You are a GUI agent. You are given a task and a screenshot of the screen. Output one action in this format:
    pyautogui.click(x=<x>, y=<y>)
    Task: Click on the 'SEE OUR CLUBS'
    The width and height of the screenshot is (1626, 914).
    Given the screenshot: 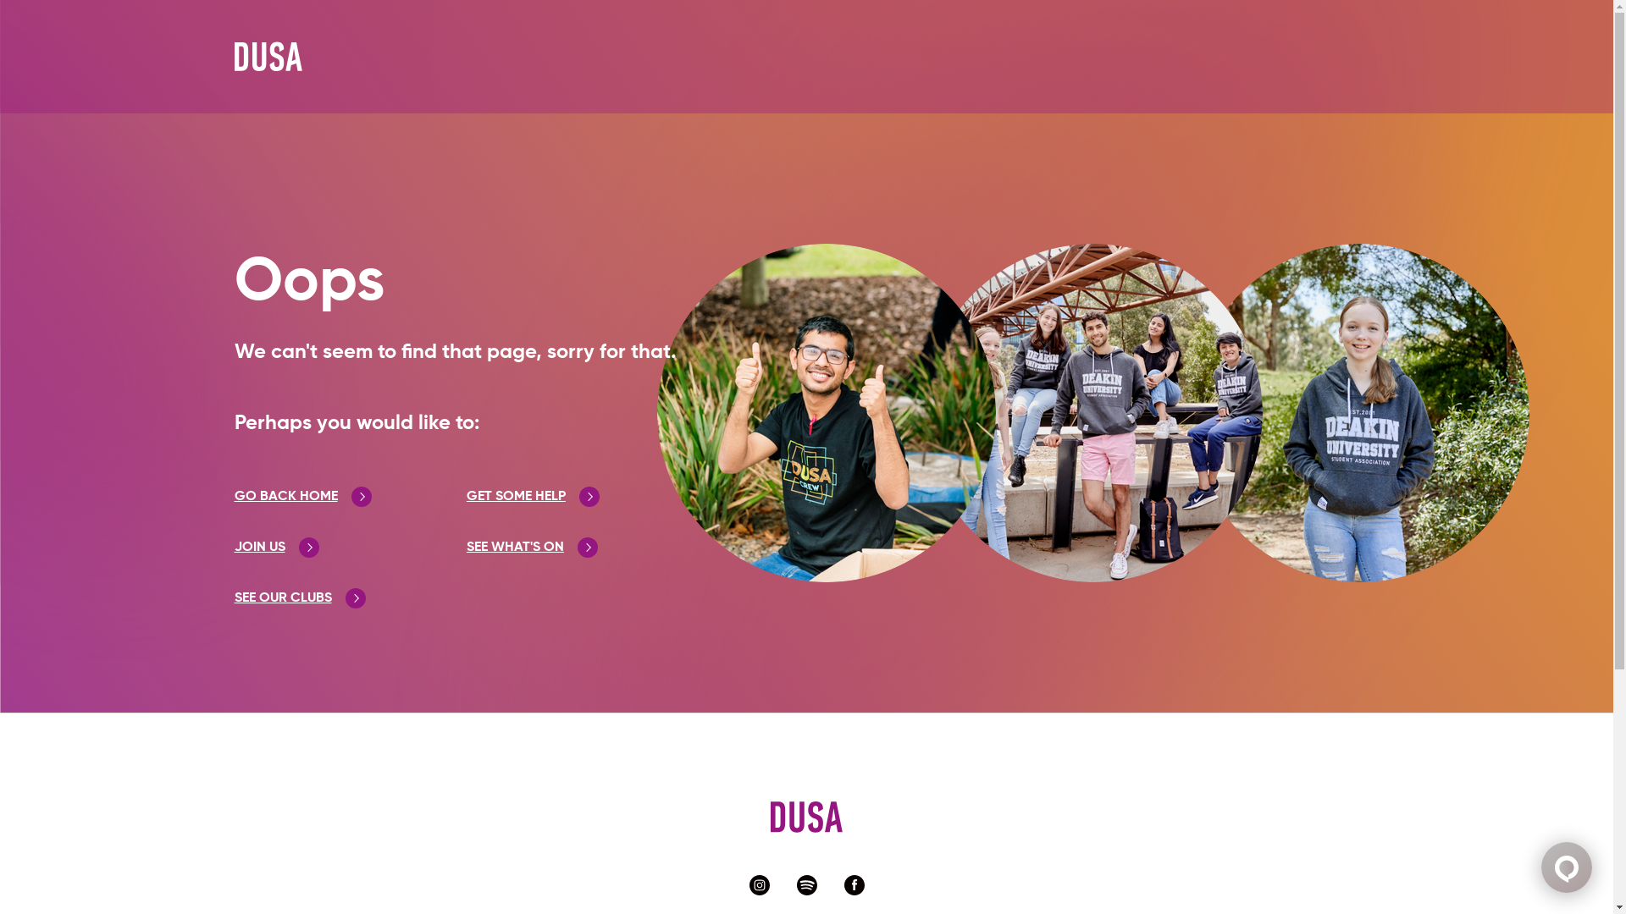 What is the action you would take?
    pyautogui.click(x=299, y=597)
    